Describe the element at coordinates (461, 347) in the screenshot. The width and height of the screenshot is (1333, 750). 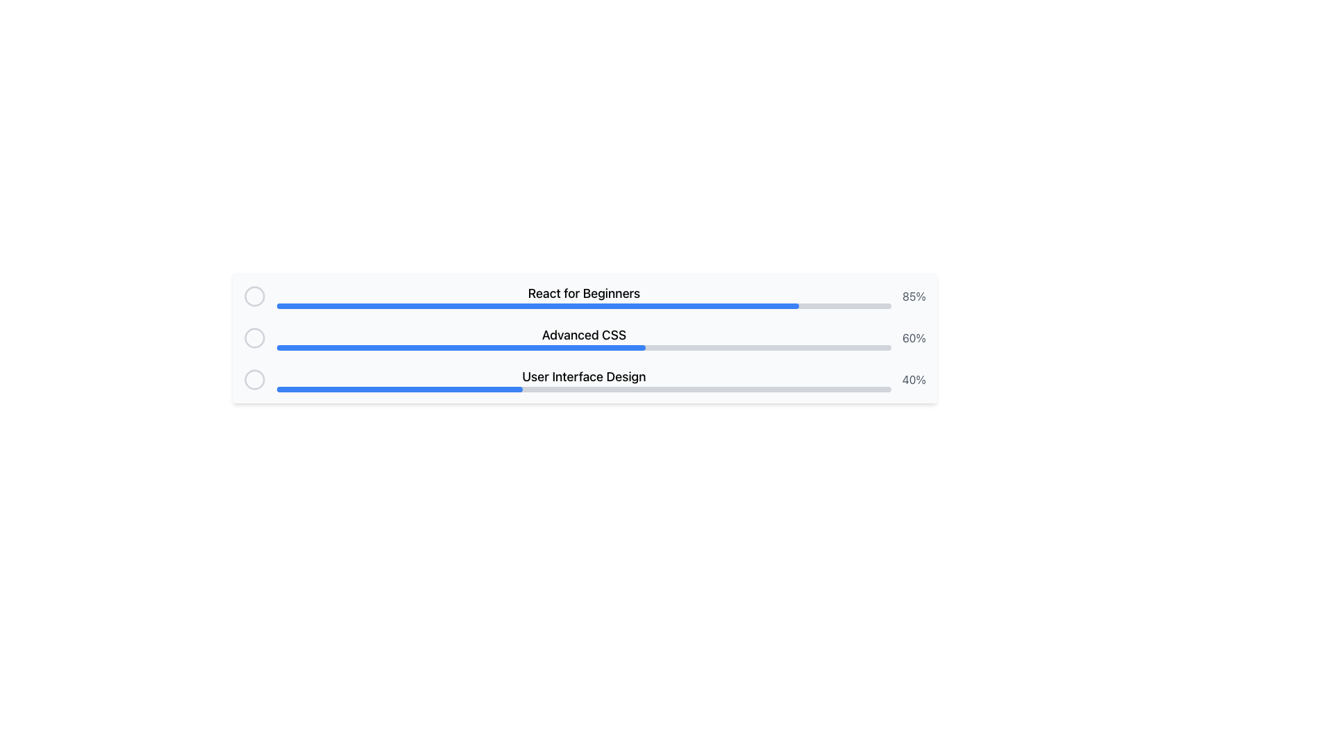
I see `the progress value of the blue progress bar, which represents 60% completion and is located below the 'Advanced CSS' label` at that location.